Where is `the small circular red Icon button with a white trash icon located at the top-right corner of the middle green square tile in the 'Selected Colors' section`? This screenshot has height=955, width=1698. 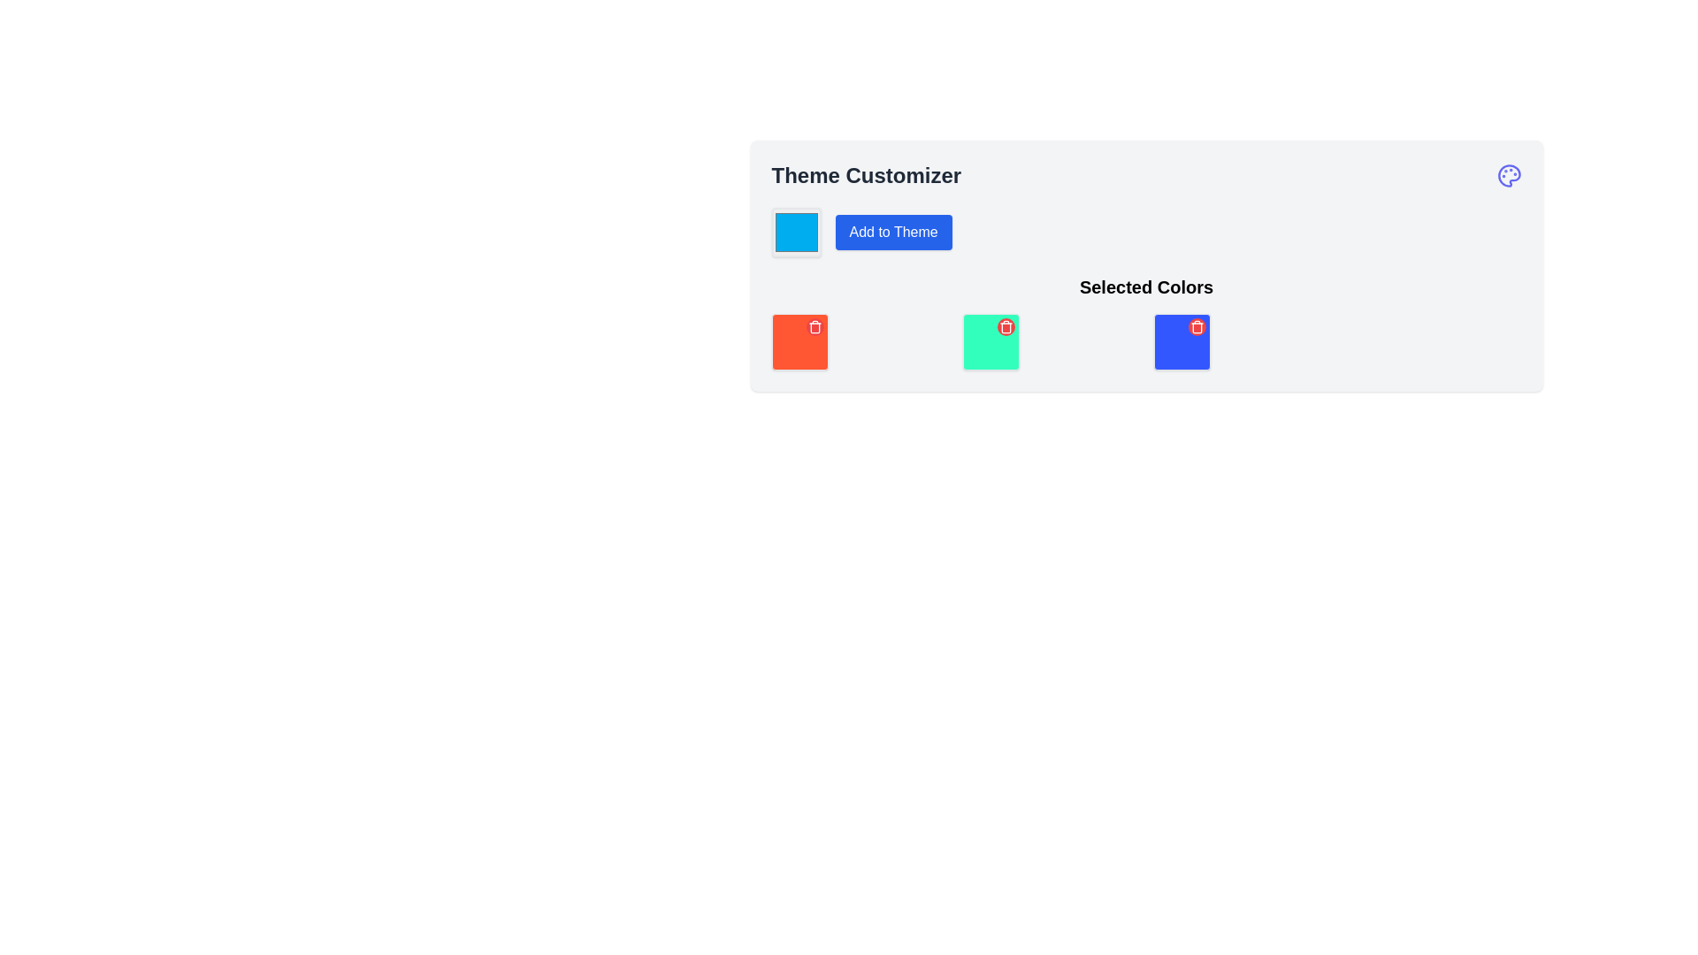
the small circular red Icon button with a white trash icon located at the top-right corner of the middle green square tile in the 'Selected Colors' section is located at coordinates (1006, 327).